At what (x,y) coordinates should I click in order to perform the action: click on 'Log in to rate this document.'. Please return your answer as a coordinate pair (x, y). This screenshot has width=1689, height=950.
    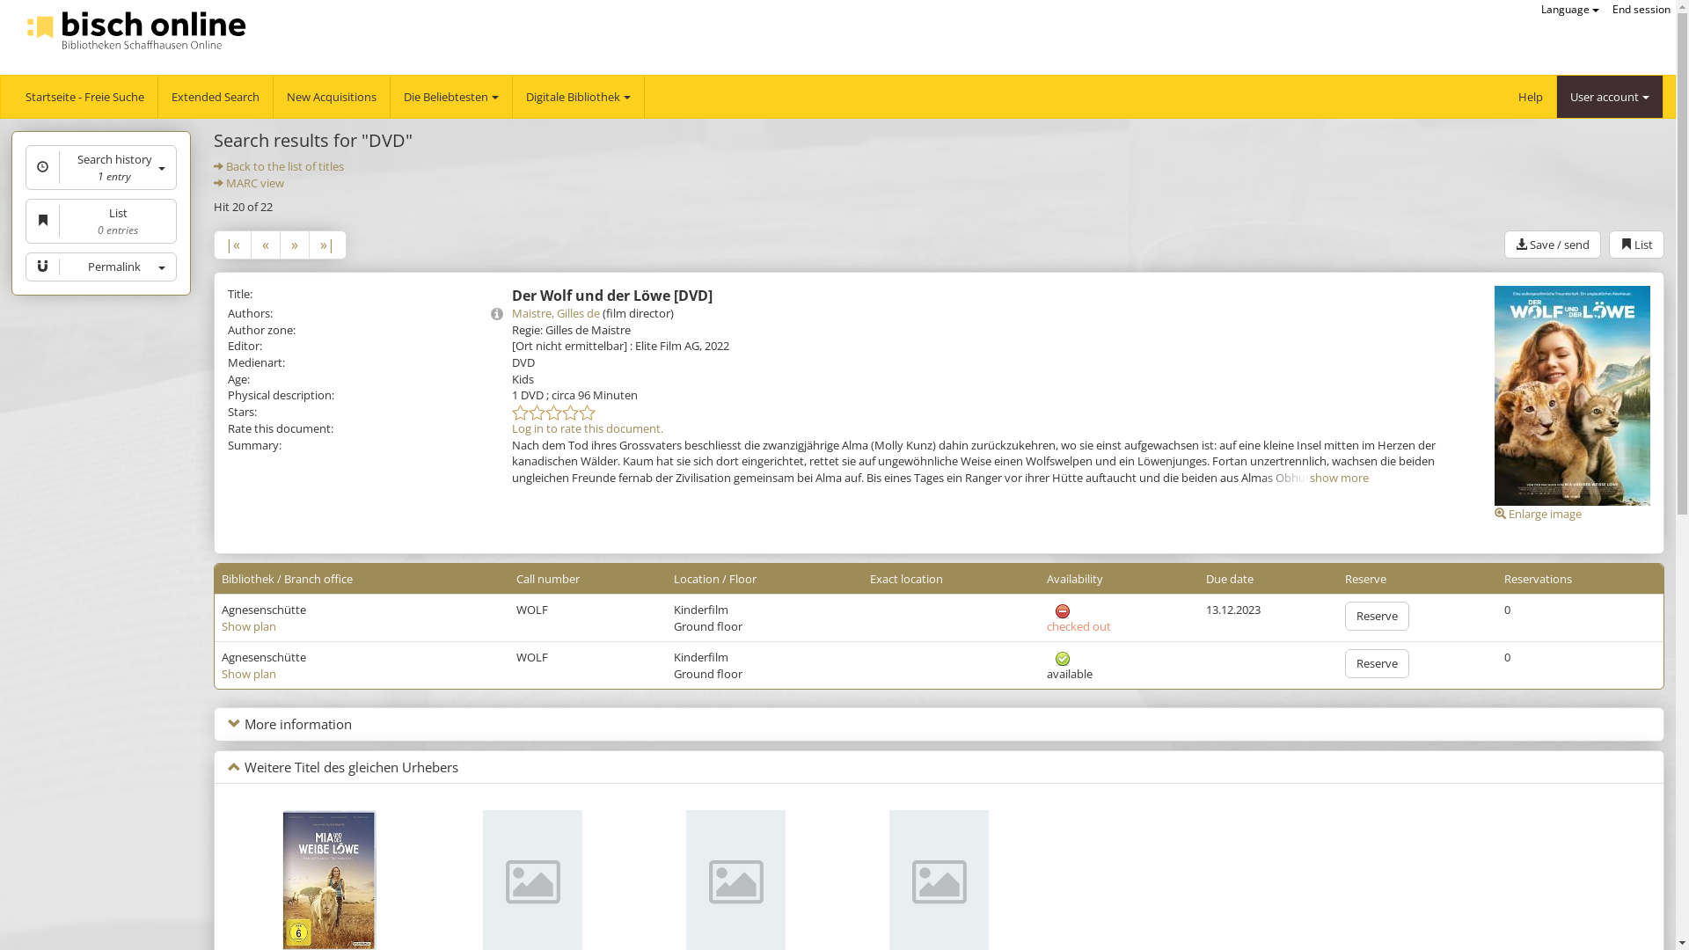
    Looking at the image, I should click on (587, 427).